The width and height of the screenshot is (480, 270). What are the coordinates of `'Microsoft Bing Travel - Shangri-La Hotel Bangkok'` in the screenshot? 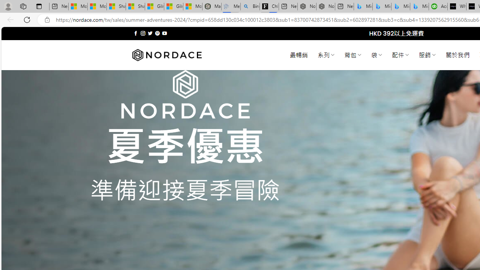 It's located at (419, 6).